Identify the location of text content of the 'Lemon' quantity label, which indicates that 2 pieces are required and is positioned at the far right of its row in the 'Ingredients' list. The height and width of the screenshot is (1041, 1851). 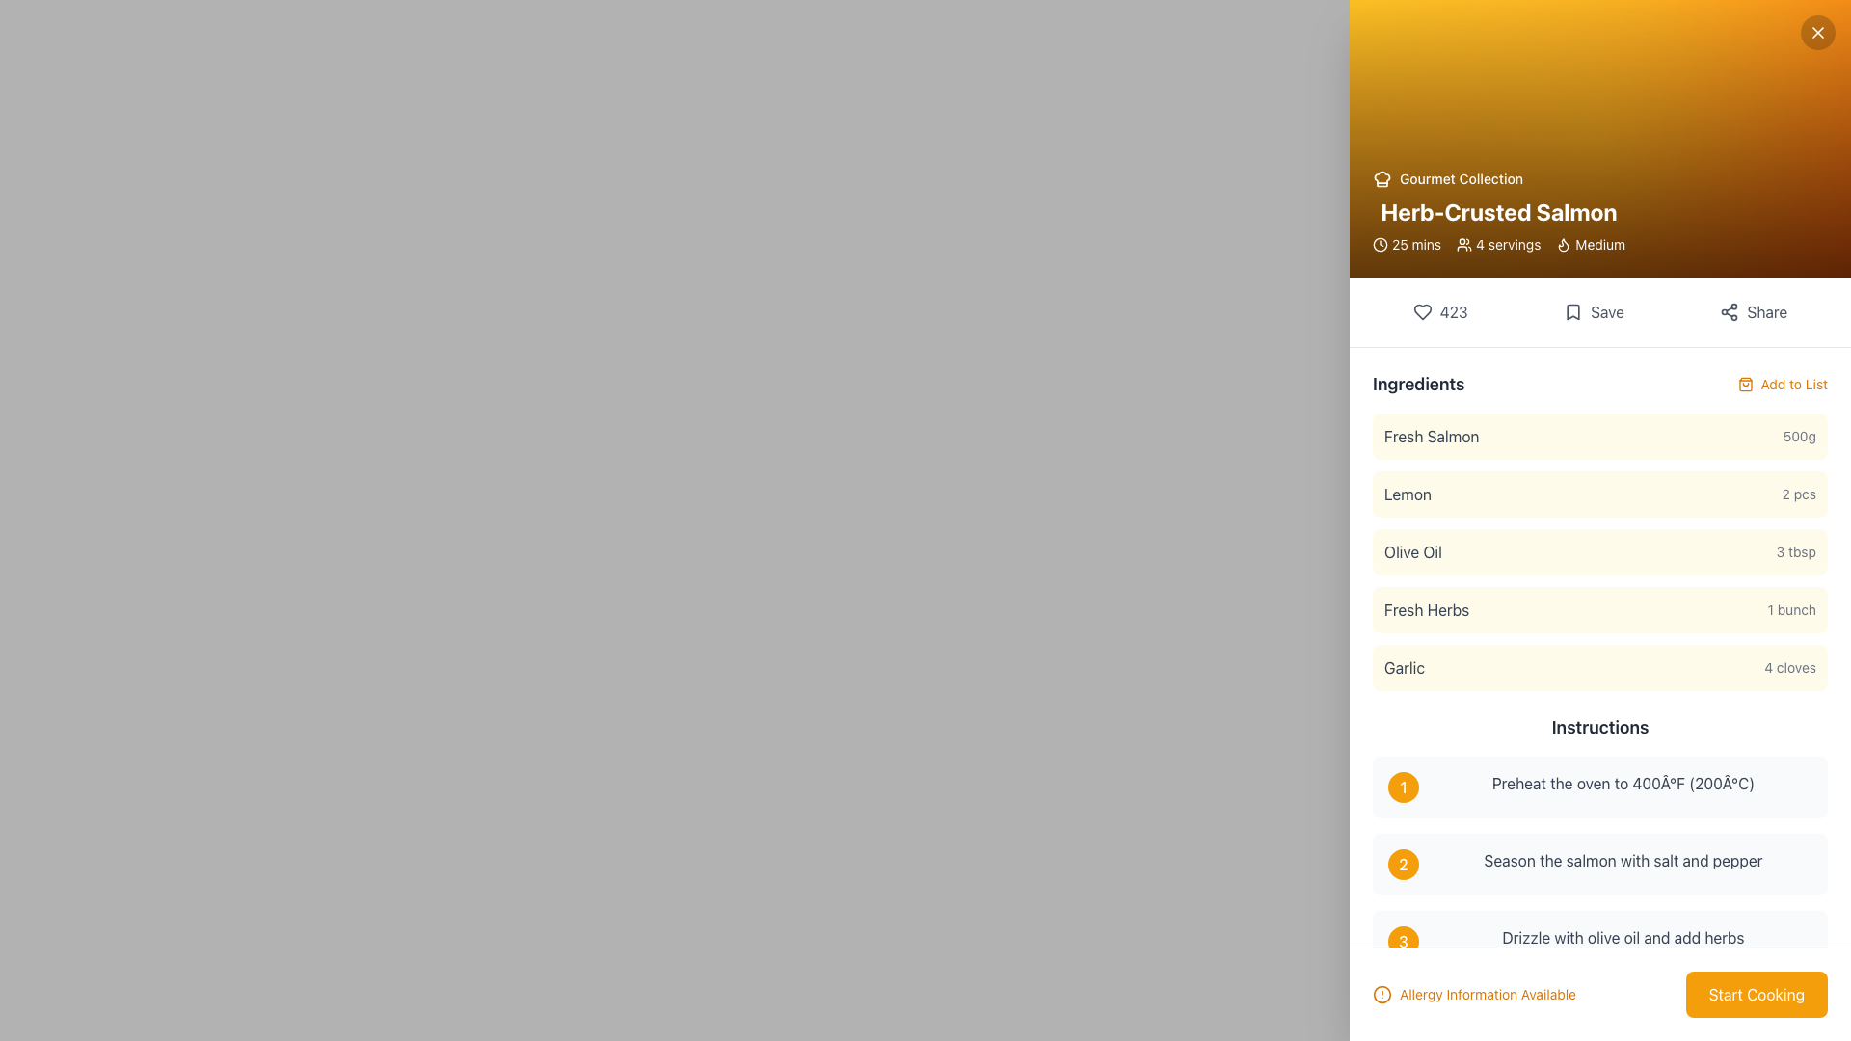
(1798, 494).